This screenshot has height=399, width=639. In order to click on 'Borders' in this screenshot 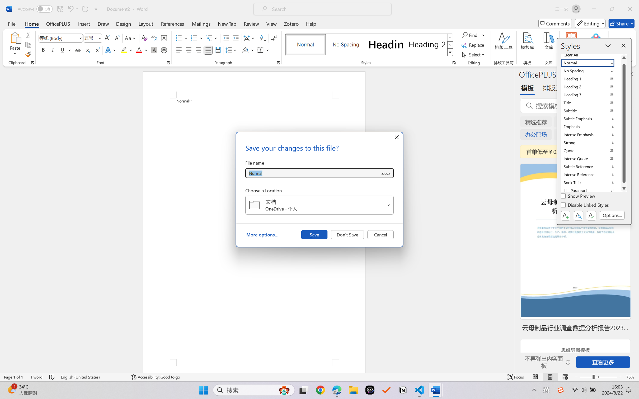, I will do `click(261, 50)`.